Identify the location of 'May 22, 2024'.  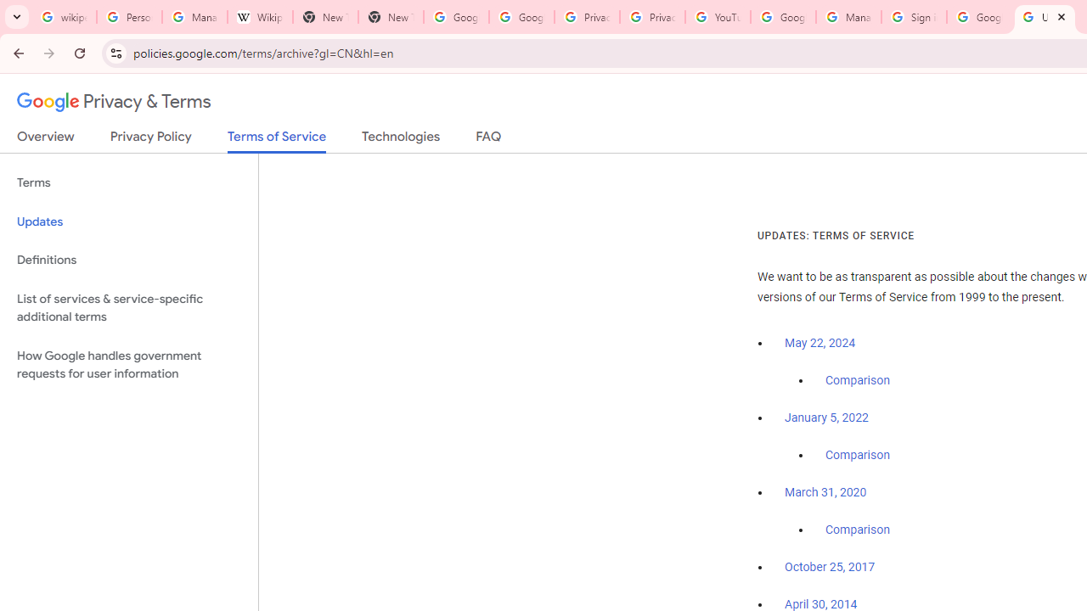
(820, 344).